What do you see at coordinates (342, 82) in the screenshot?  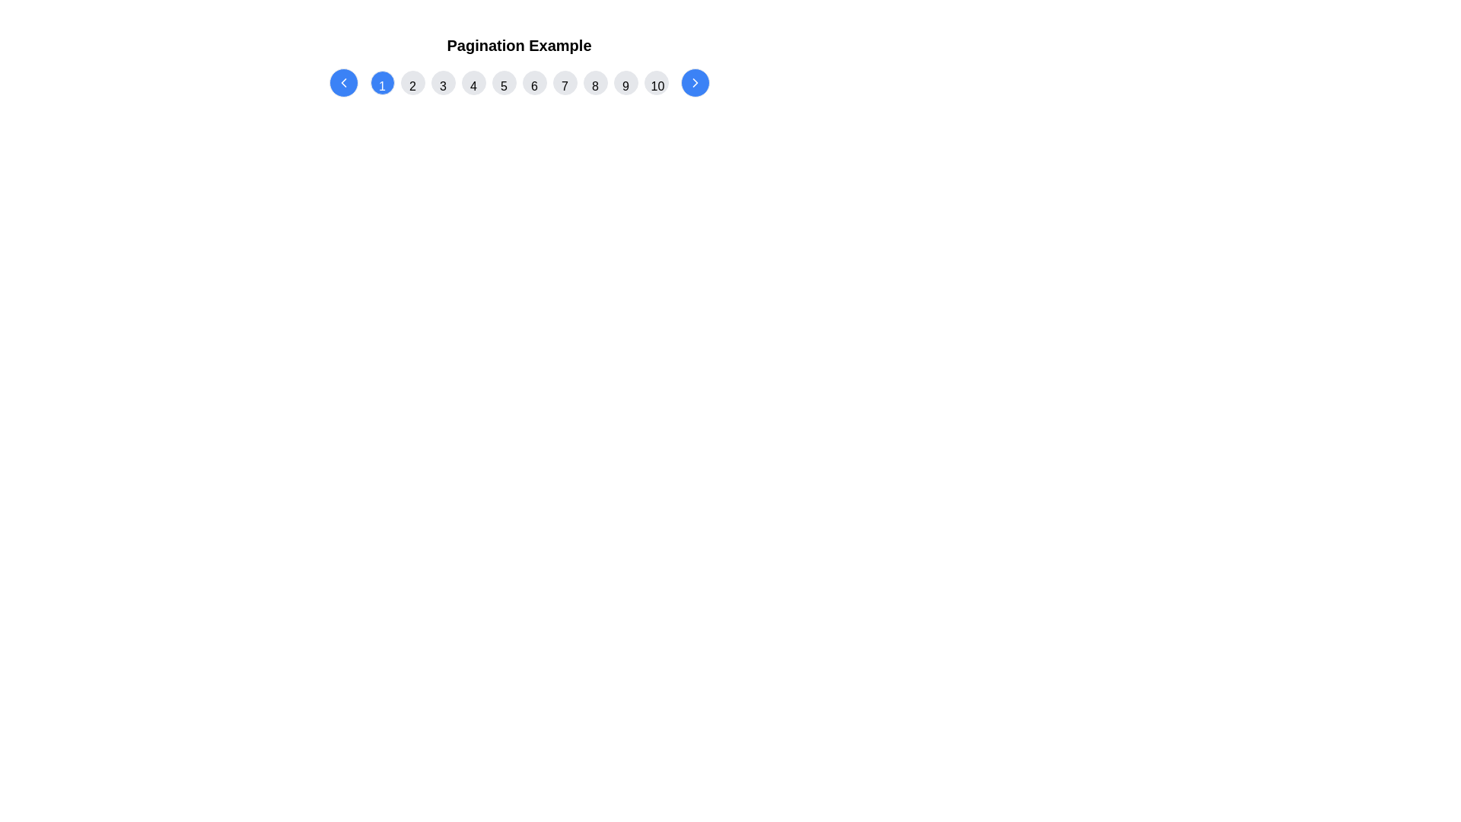 I see `the left chevron SVG icon within the blue circular button located at the far left of the pagination control row` at bounding box center [342, 82].